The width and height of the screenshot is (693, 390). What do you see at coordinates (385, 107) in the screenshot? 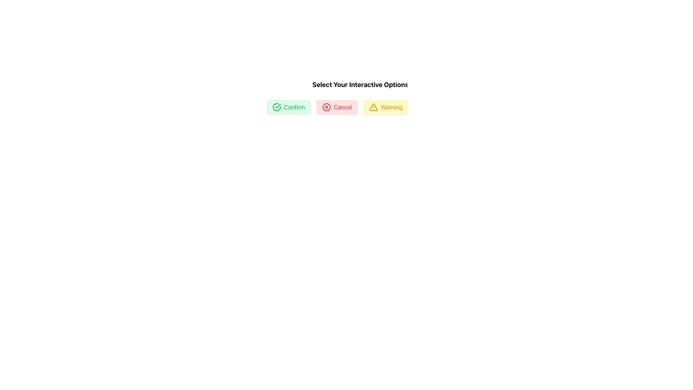
I see `the third button in a horizontal group to observe any hover effects, such as color change, located between the 'Cancel' and 'Protect' buttons` at bounding box center [385, 107].